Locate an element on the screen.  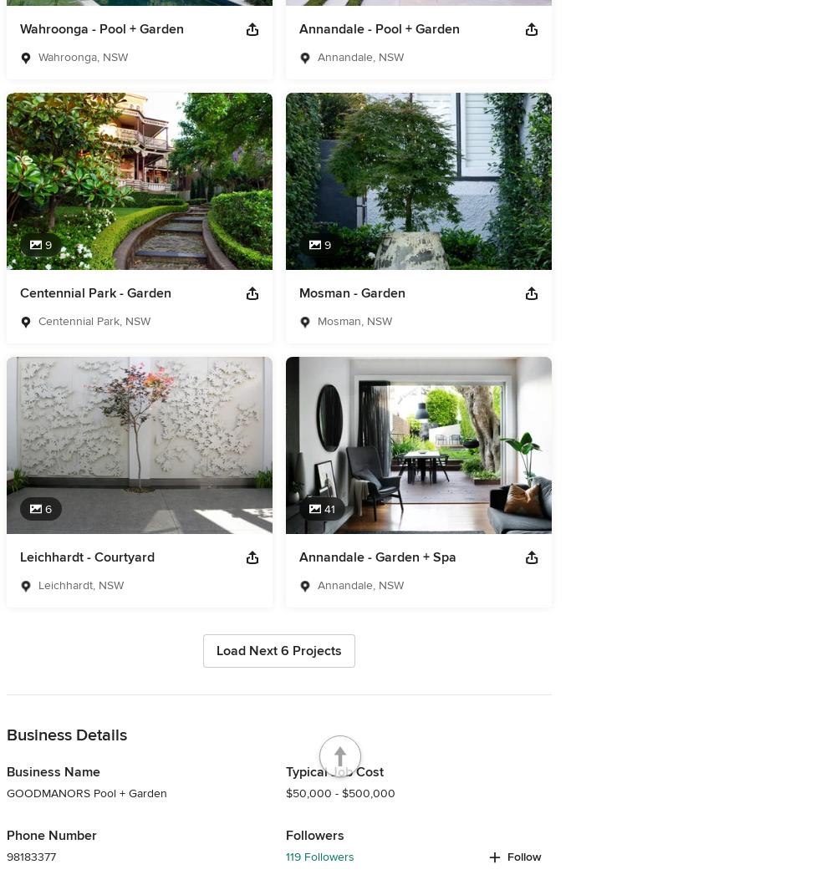
'$50,000 - $500,000' is located at coordinates (340, 793).